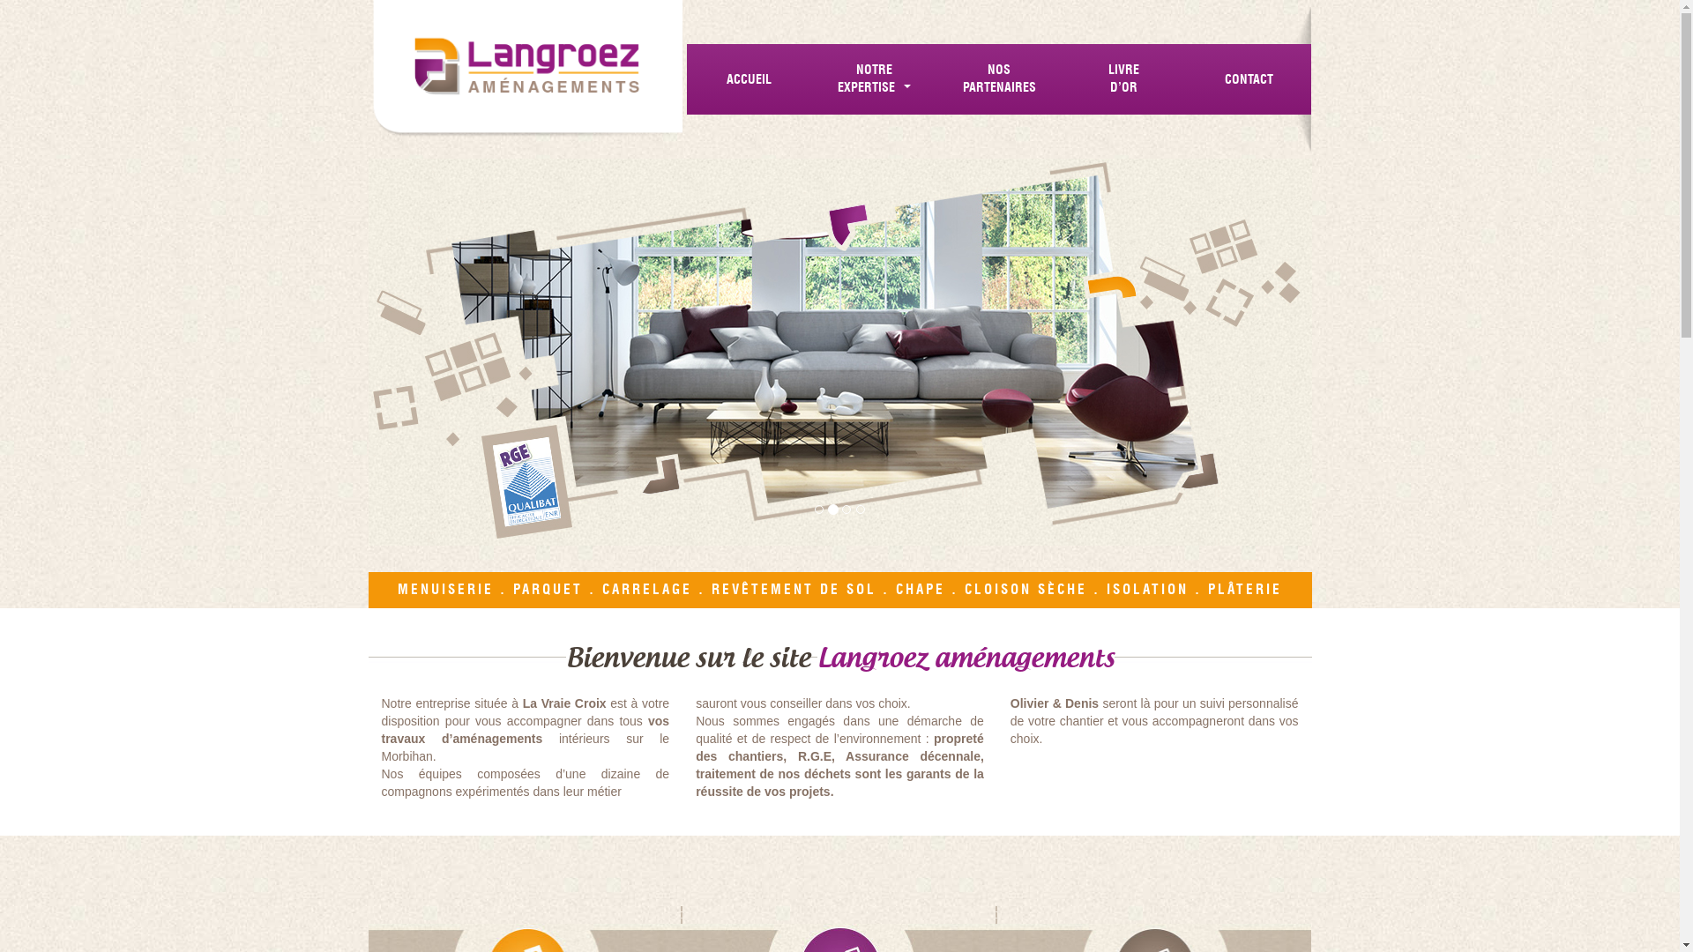 The width and height of the screenshot is (1693, 952). What do you see at coordinates (875, 78) in the screenshot?
I see `'NOTRE` at bounding box center [875, 78].